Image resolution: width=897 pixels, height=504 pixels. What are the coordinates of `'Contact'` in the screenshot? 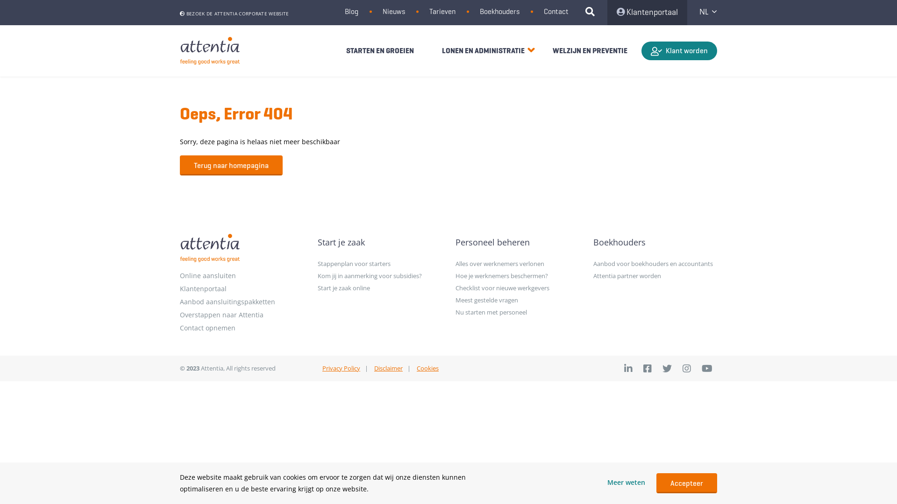 It's located at (556, 11).